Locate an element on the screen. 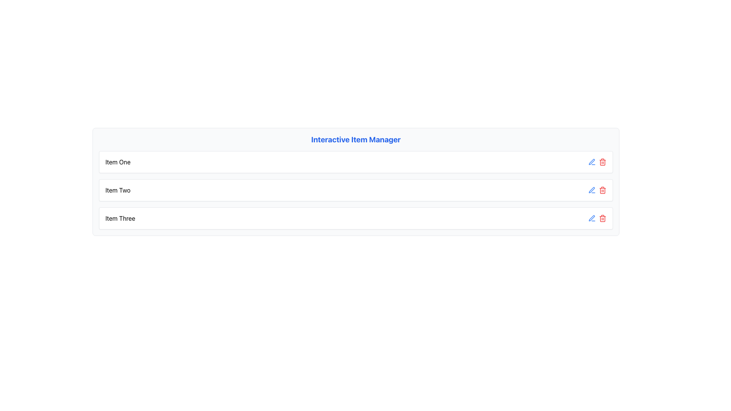  the Text label that serves as the header for its respective list item is located at coordinates (117, 161).